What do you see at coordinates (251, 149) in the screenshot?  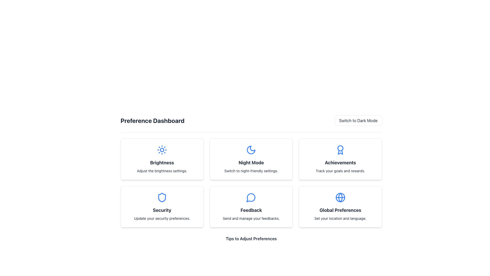 I see `the Decorative Icon for the 'Night Mode' section, which is located in the second column of the first row of the preference cards layout, positioned above the 'Night Mode' text and description` at bounding box center [251, 149].